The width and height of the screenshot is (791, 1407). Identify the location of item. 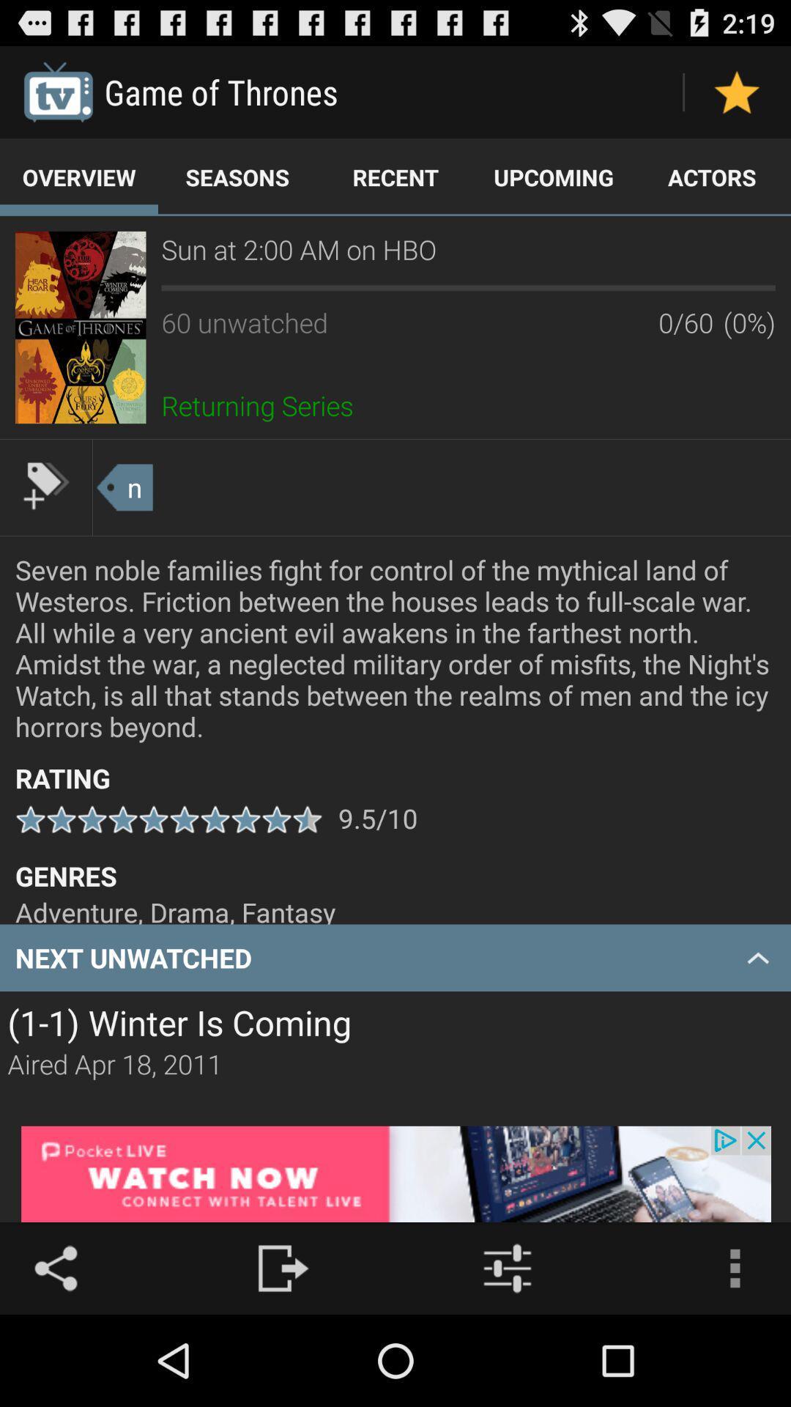
(737, 91).